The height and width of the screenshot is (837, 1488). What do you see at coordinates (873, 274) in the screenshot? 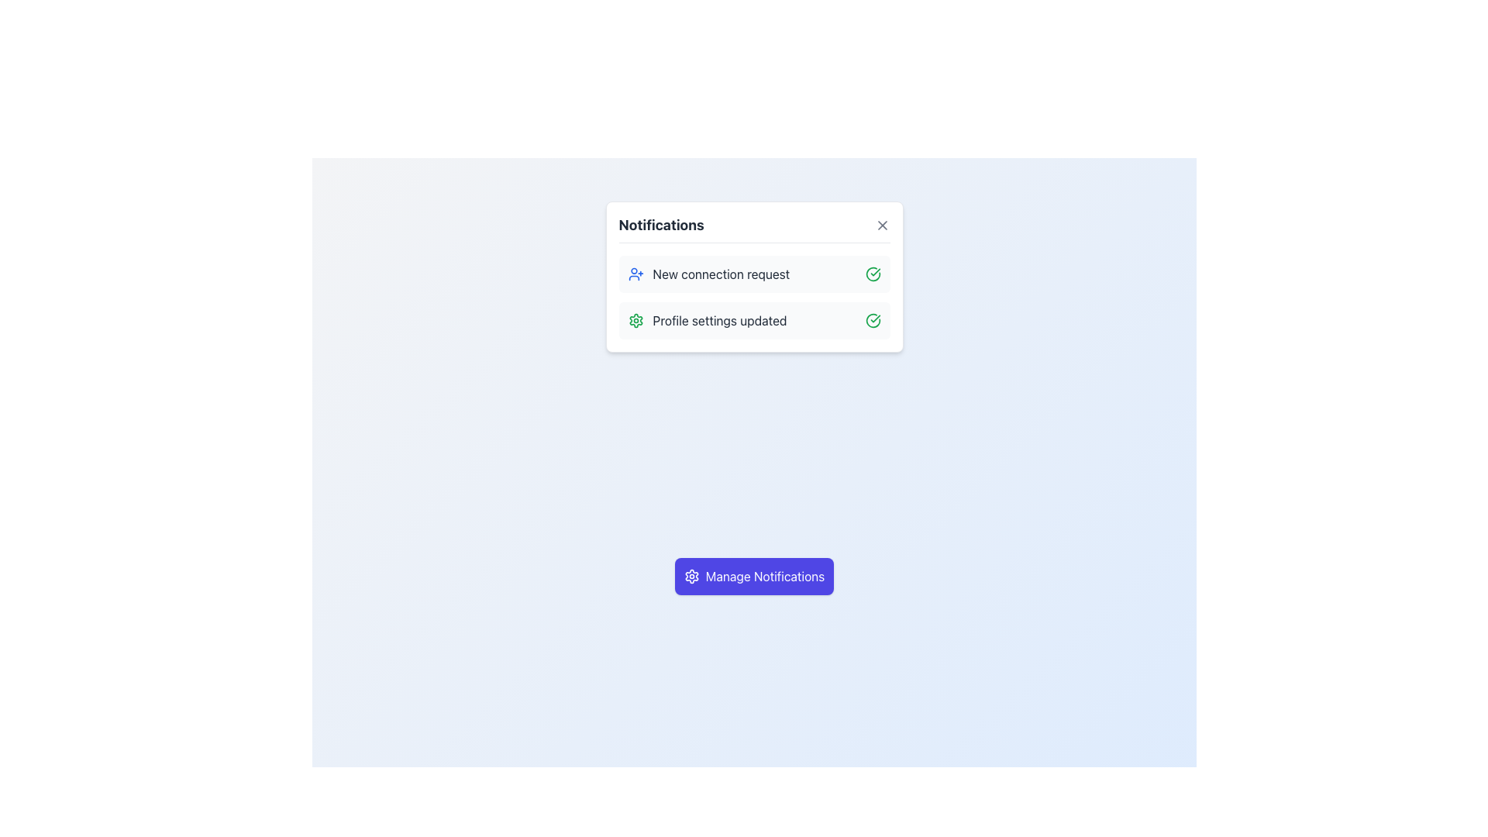
I see `the confirmation indicator icon located on the rightmost side of the Notifications panel, next to the 'New connection request' text` at bounding box center [873, 274].